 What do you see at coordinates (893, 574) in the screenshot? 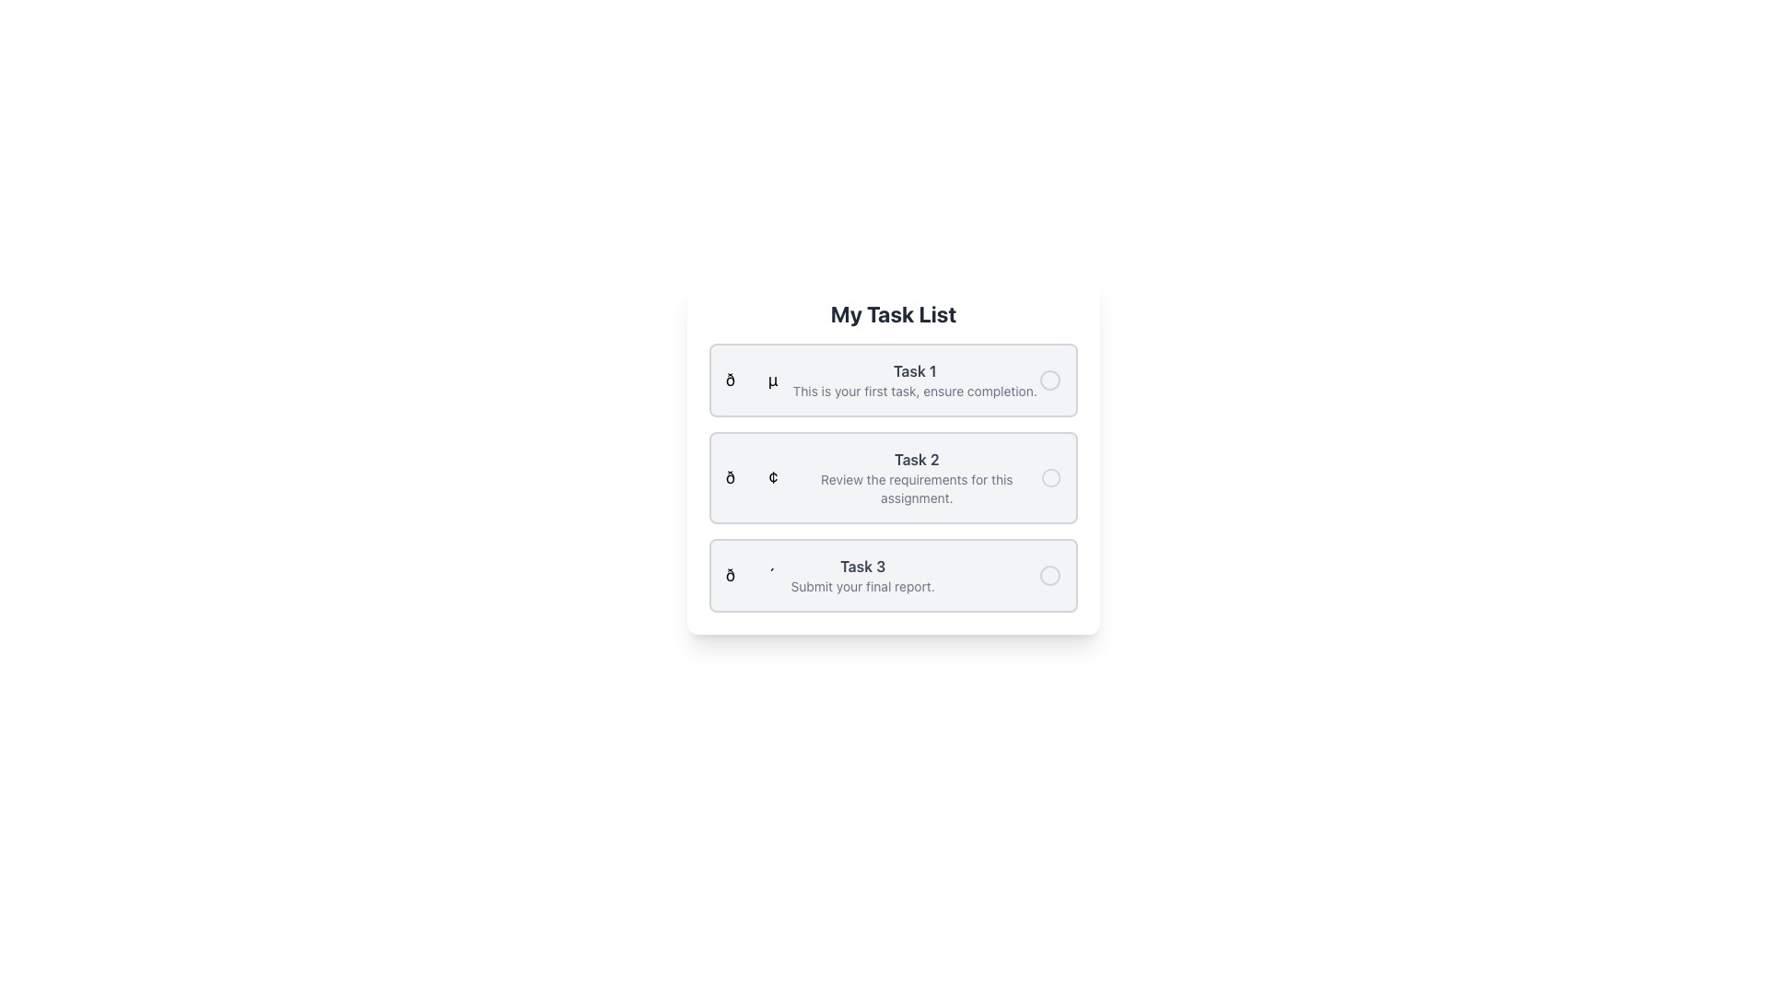
I see `the List item labeled 'Task 3' to focus on it` at bounding box center [893, 574].